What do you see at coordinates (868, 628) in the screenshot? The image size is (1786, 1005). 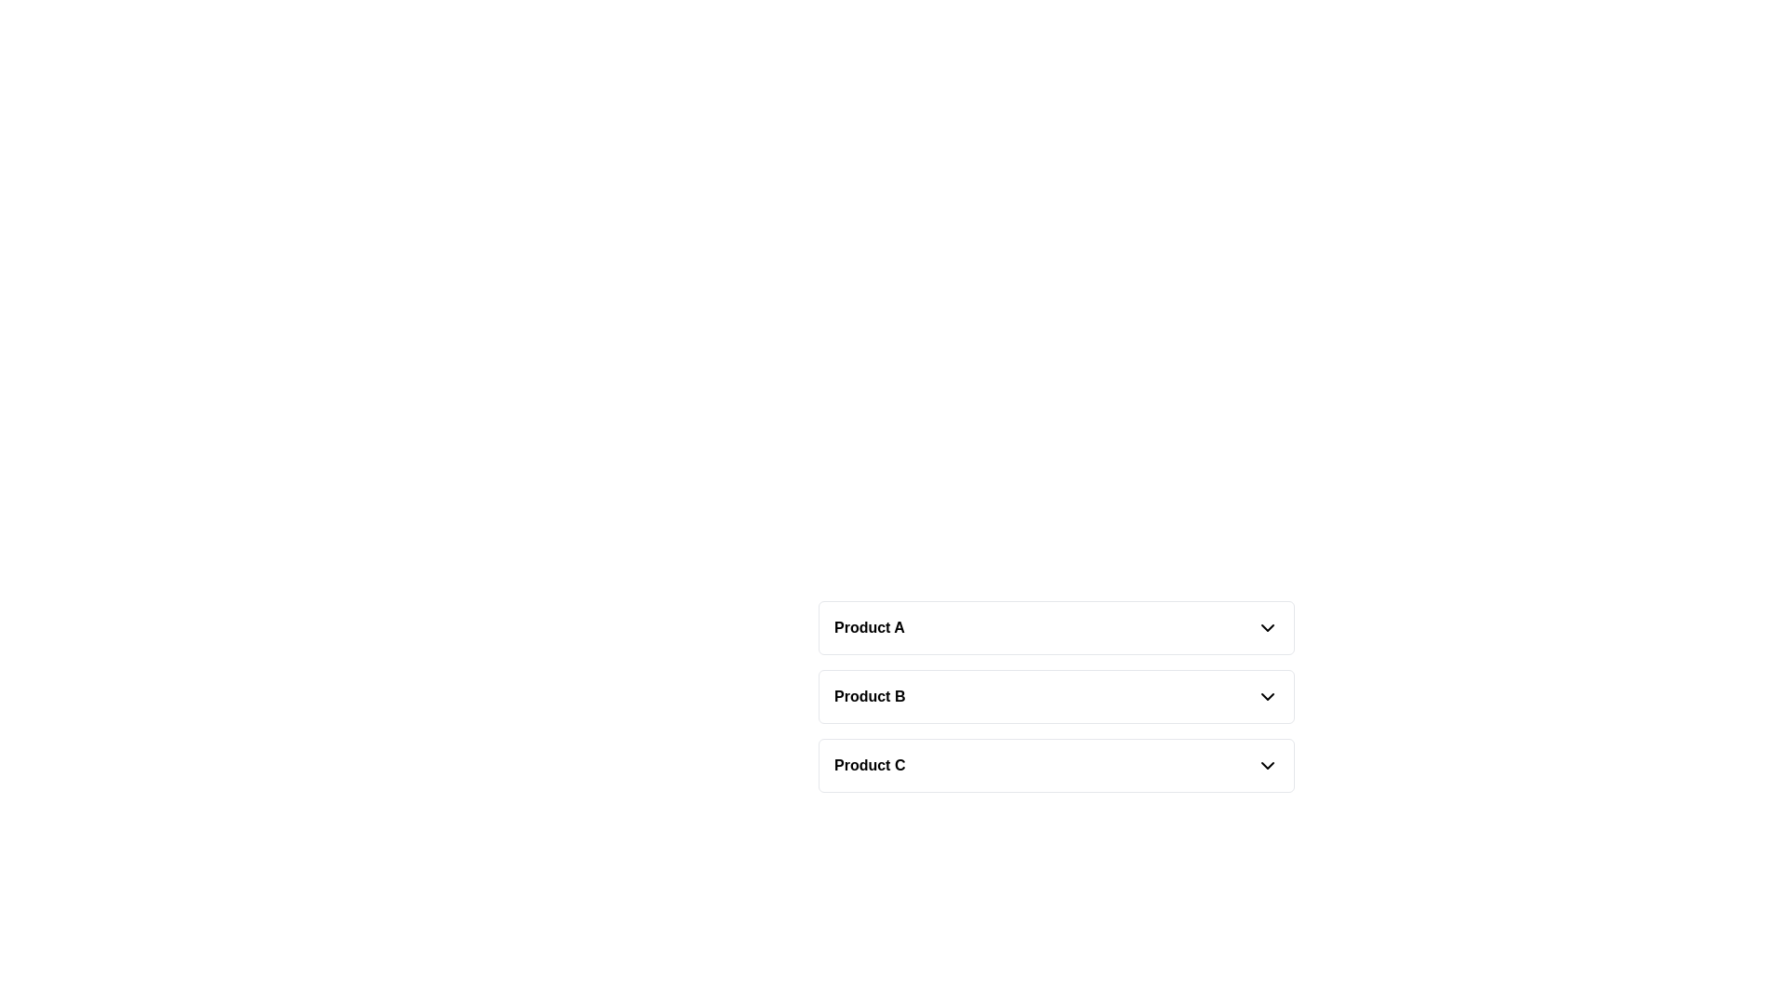 I see `the text label displaying 'Product A'` at bounding box center [868, 628].